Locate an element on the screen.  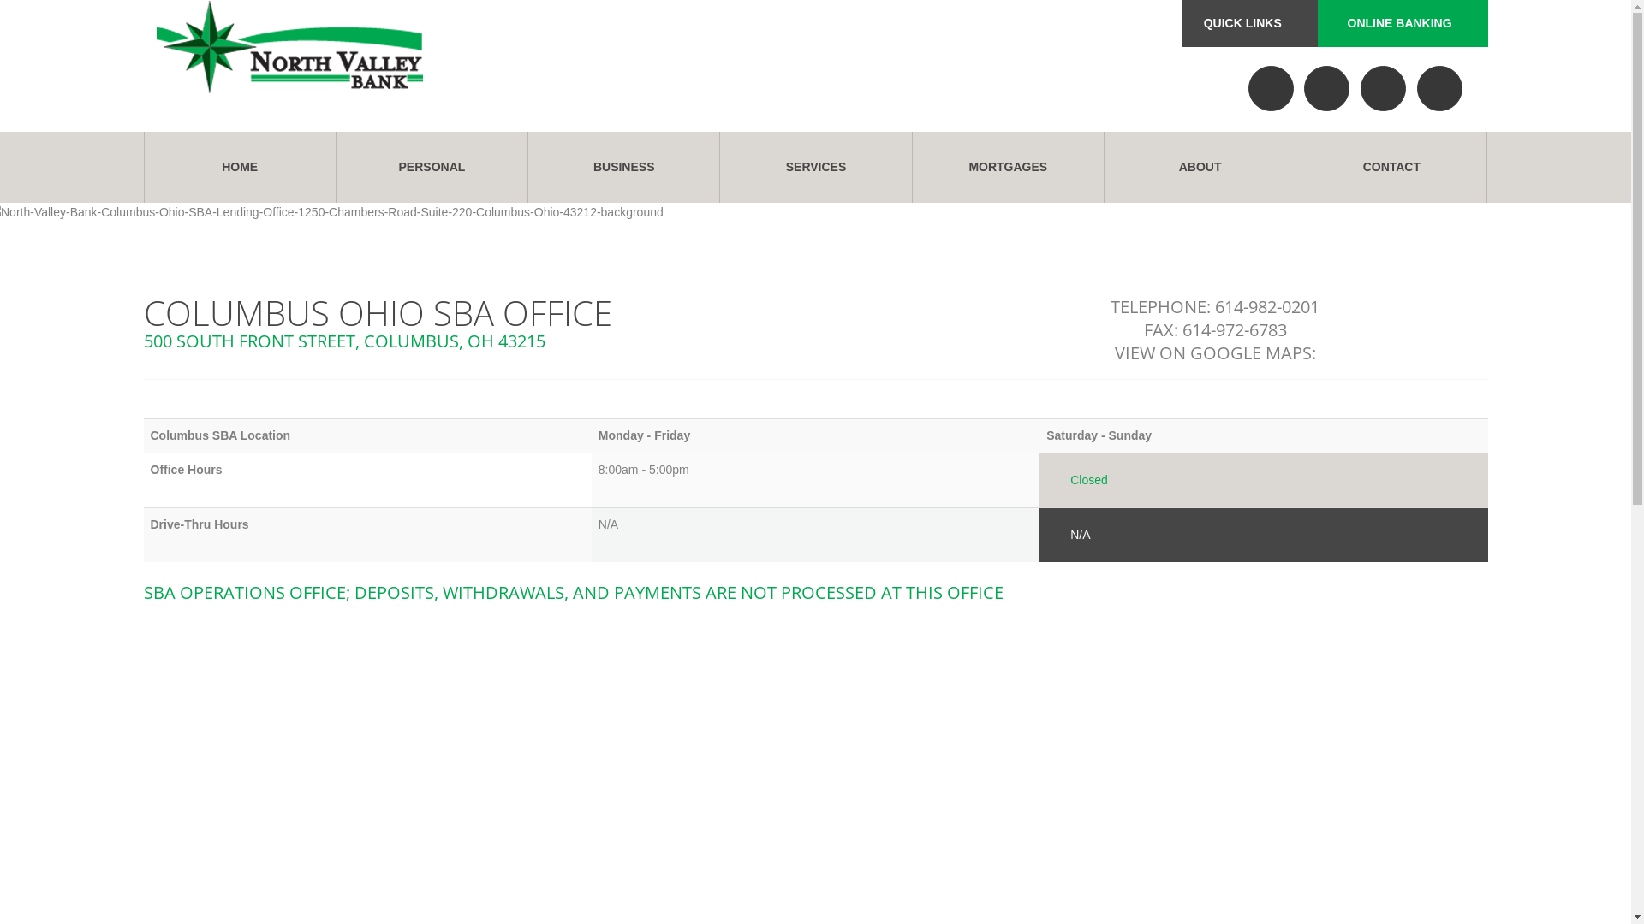
'BUSINESS' is located at coordinates (622, 167).